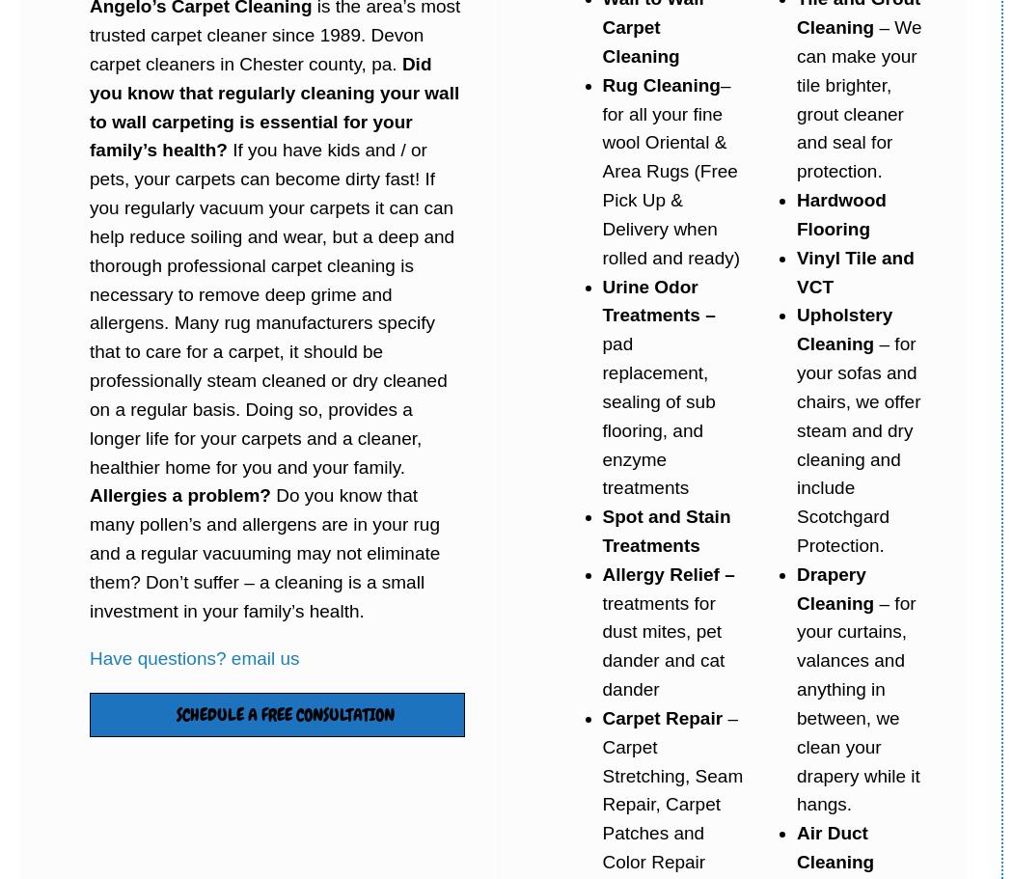  Describe the element at coordinates (658, 300) in the screenshot. I see `'Urine Odor Treatments –'` at that location.